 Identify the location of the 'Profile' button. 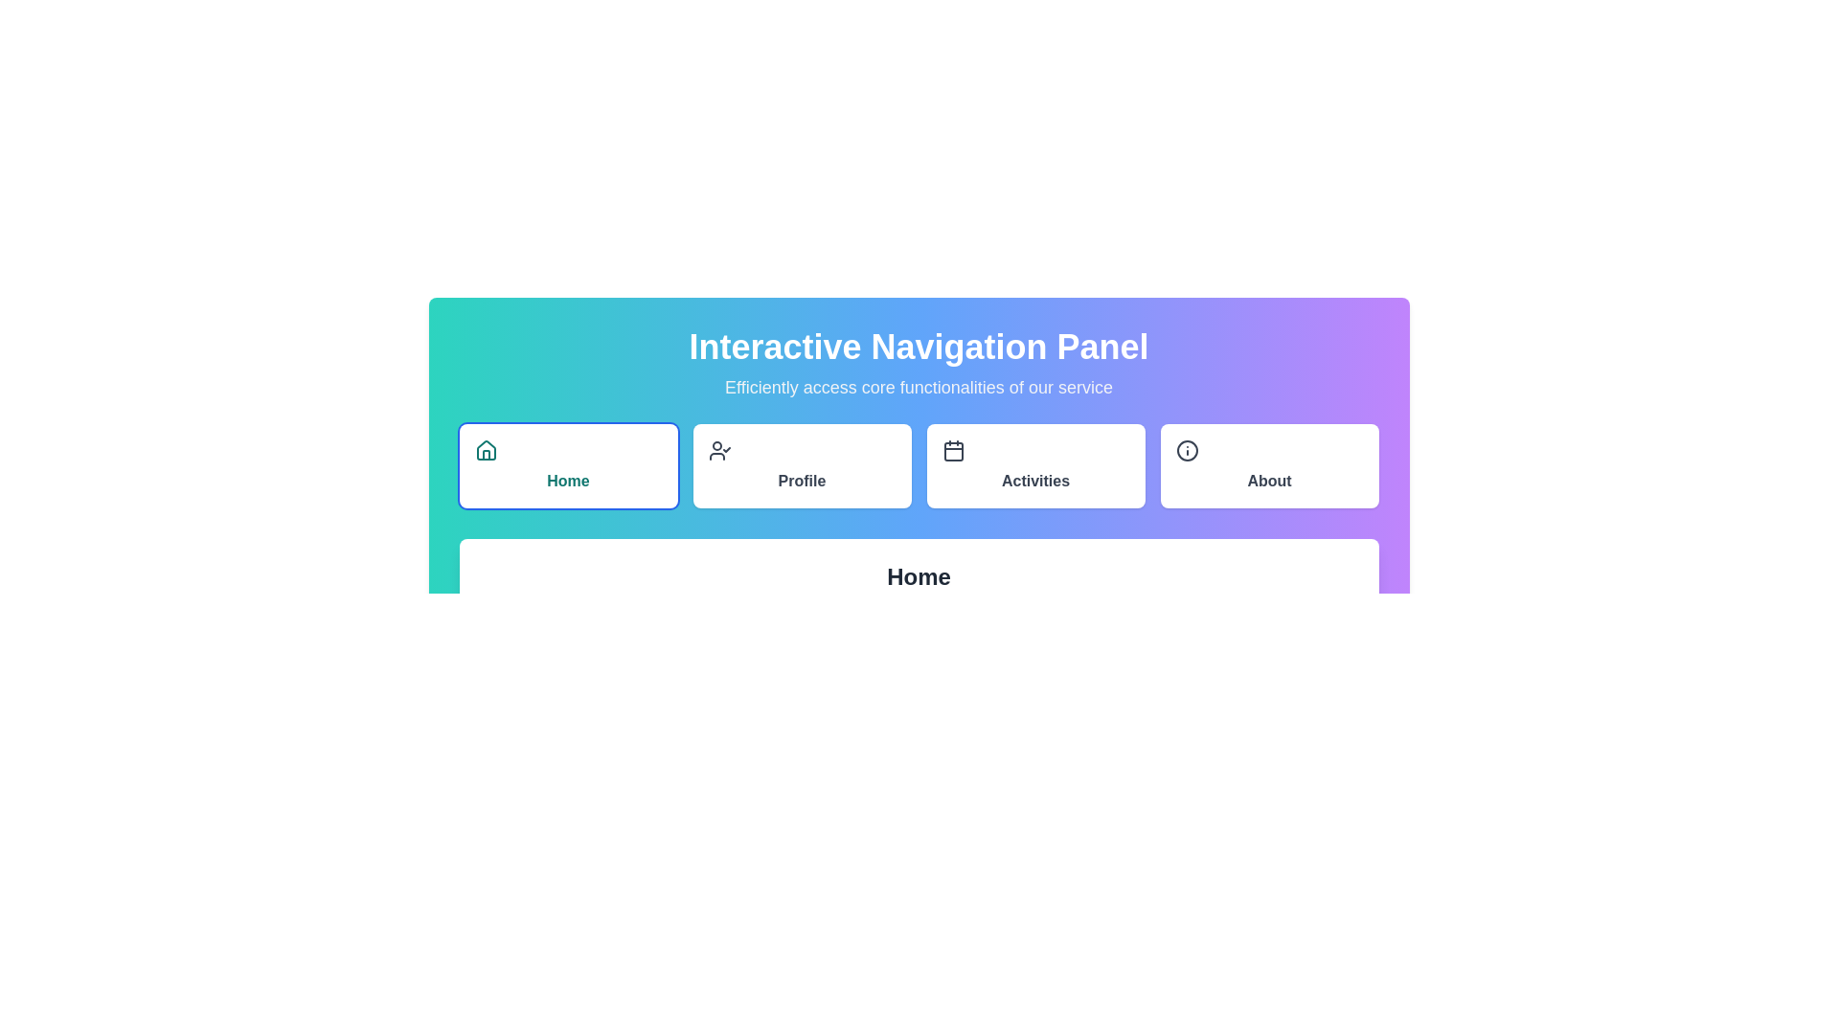
(802, 480).